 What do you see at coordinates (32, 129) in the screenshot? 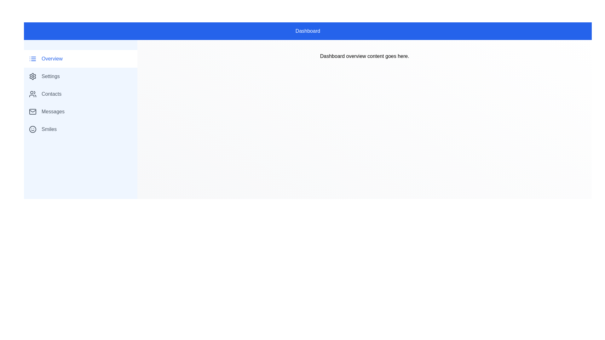
I see `the circular outer shape of the smiley icon, which is the fourth item in the vertical menu on the left sidebar` at bounding box center [32, 129].